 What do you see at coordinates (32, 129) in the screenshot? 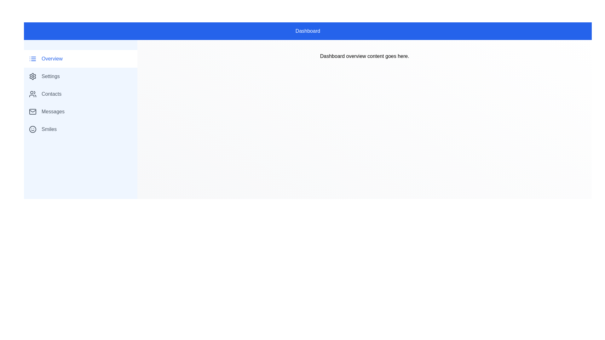
I see `the circular outer shape of the smiley icon, which is the fourth item in the vertical menu on the left sidebar` at bounding box center [32, 129].